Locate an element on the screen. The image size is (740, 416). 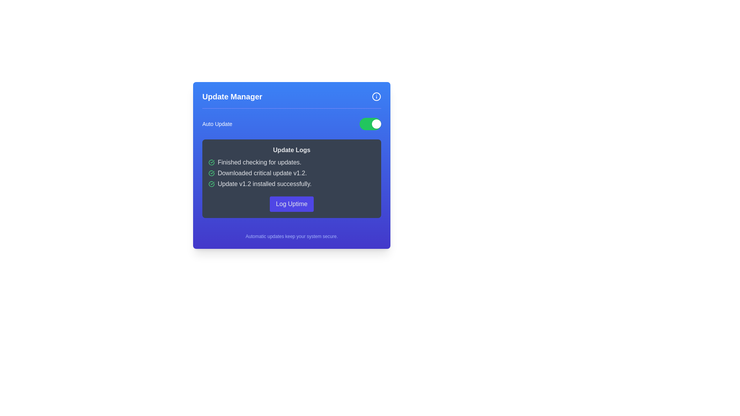
text of the first log entry indicating that the update check has concluded successfully, positioned above 'Downloaded critical update v1.2.' and below 'Update Logs' is located at coordinates (291, 162).